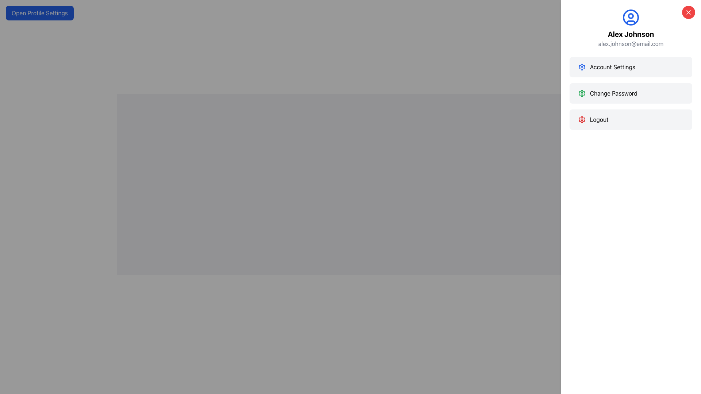 Image resolution: width=701 pixels, height=394 pixels. Describe the element at coordinates (581, 93) in the screenshot. I see `the green gear-shaped icon located to the left of the 'Change Password' text to identify the functionality related to changing the password` at that location.